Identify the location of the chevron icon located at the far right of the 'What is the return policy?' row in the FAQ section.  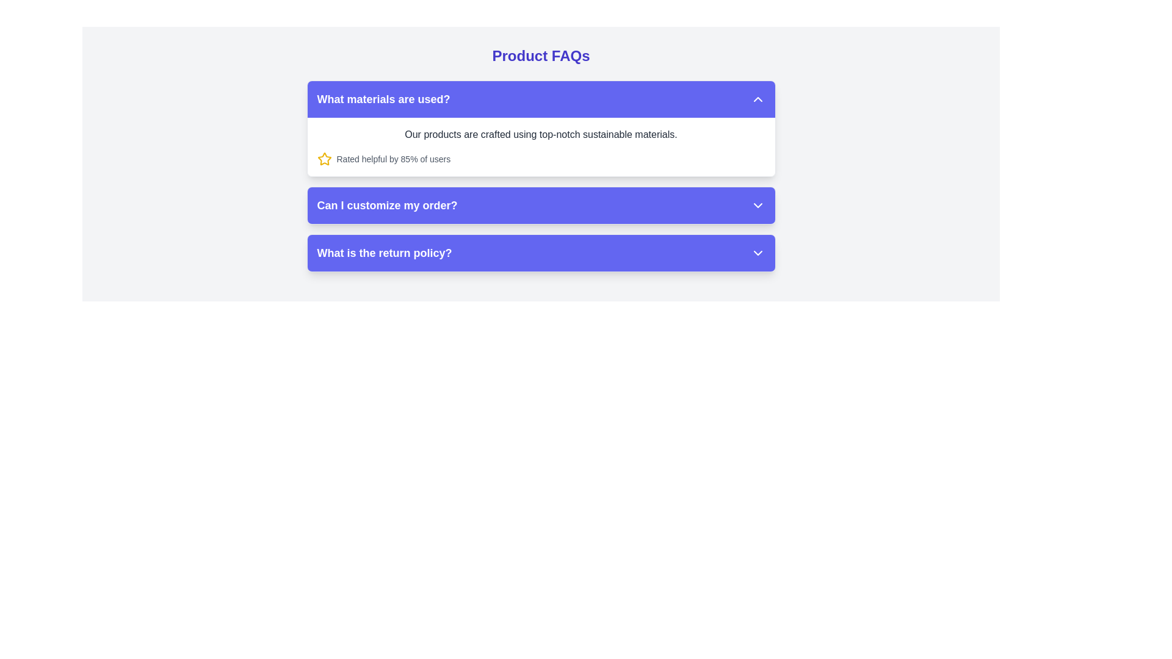
(757, 253).